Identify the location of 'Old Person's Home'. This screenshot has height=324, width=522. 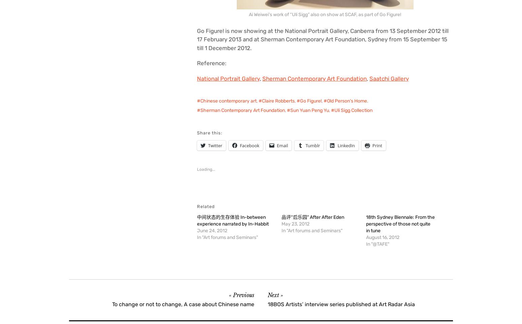
(327, 101).